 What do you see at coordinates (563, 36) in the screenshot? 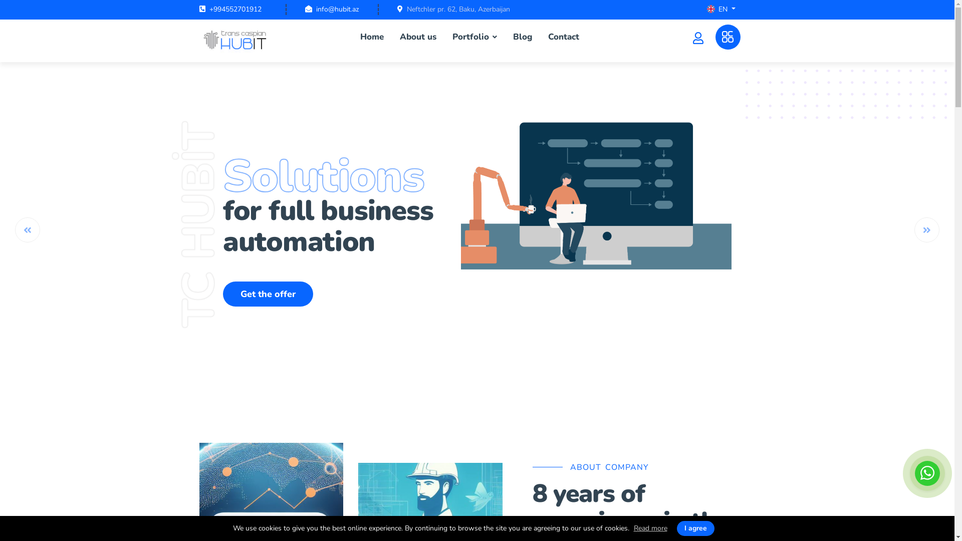
I see `'Contact'` at bounding box center [563, 36].